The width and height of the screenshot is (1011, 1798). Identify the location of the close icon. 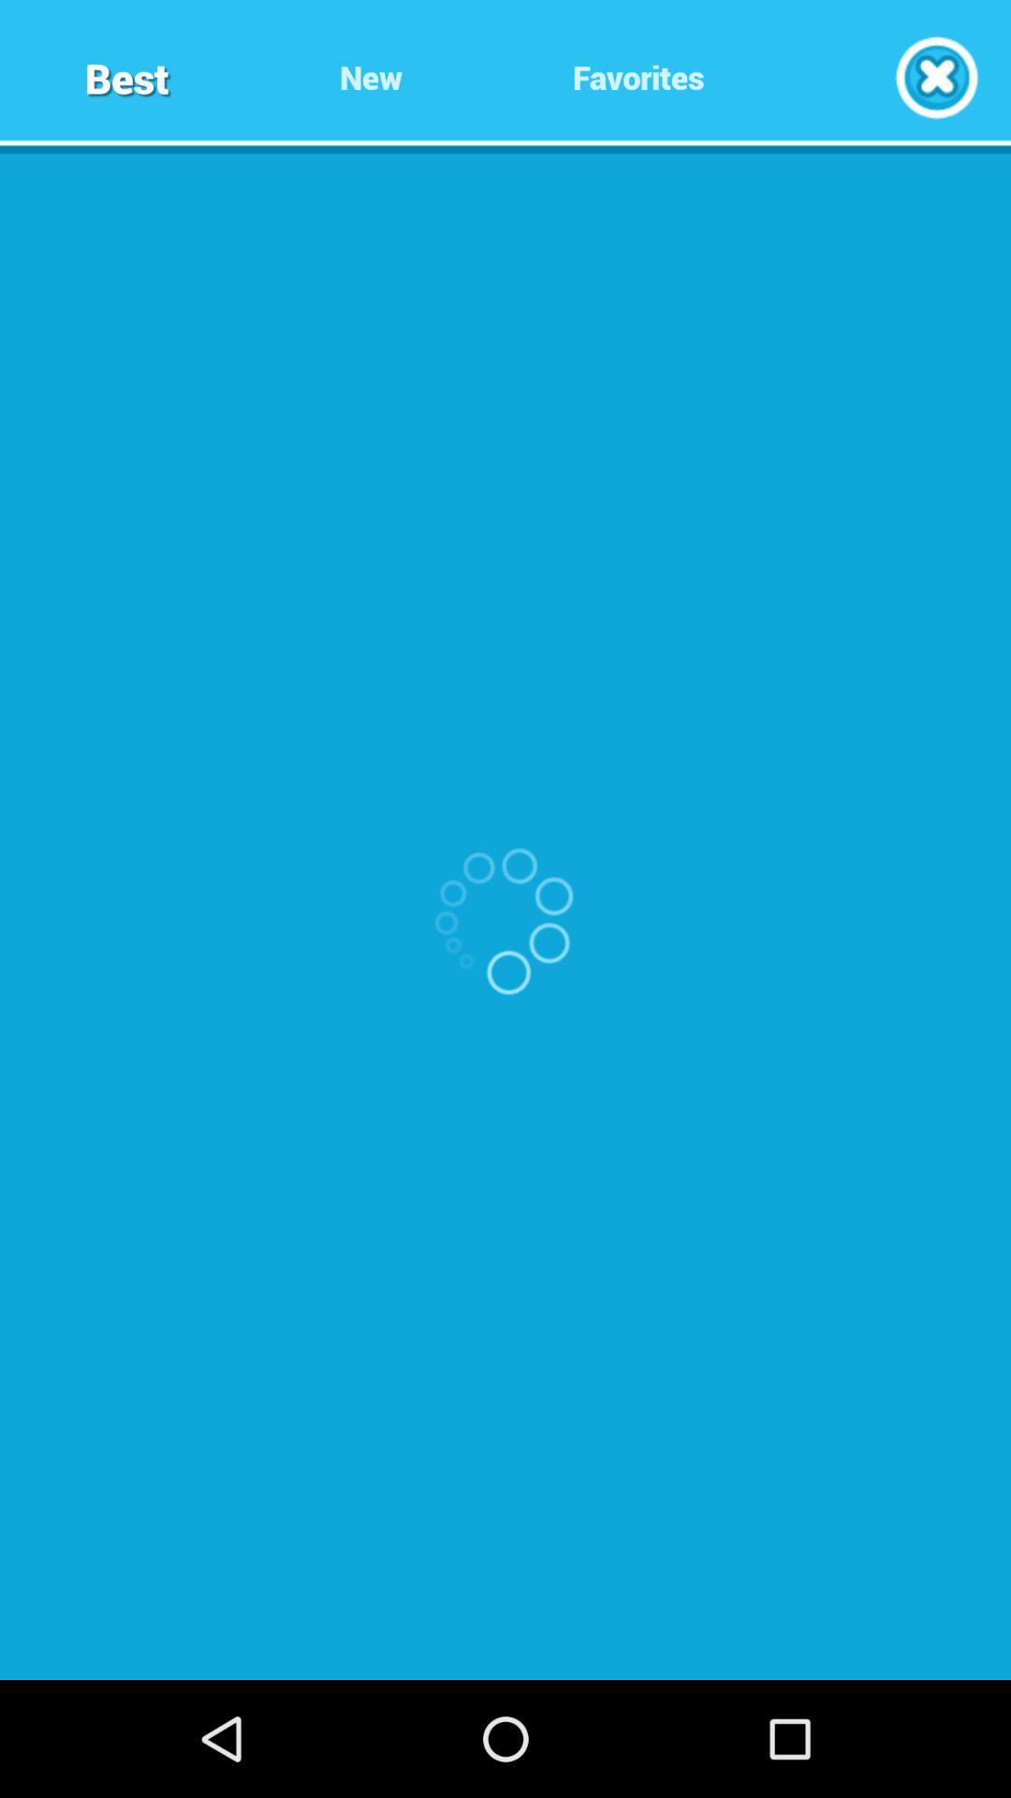
(936, 81).